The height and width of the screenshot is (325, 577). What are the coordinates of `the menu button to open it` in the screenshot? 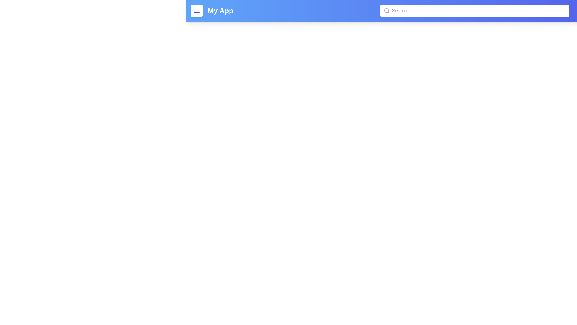 It's located at (197, 11).